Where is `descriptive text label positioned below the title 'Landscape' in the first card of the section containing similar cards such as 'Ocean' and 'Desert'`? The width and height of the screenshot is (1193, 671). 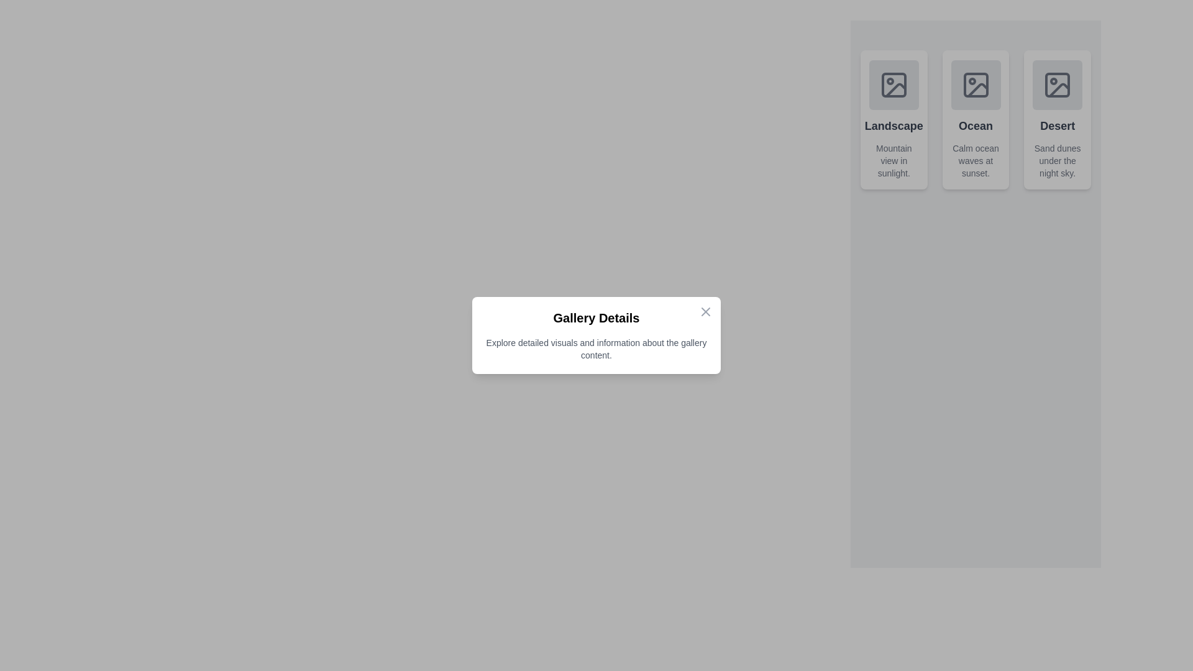 descriptive text label positioned below the title 'Landscape' in the first card of the section containing similar cards such as 'Ocean' and 'Desert' is located at coordinates (893, 160).